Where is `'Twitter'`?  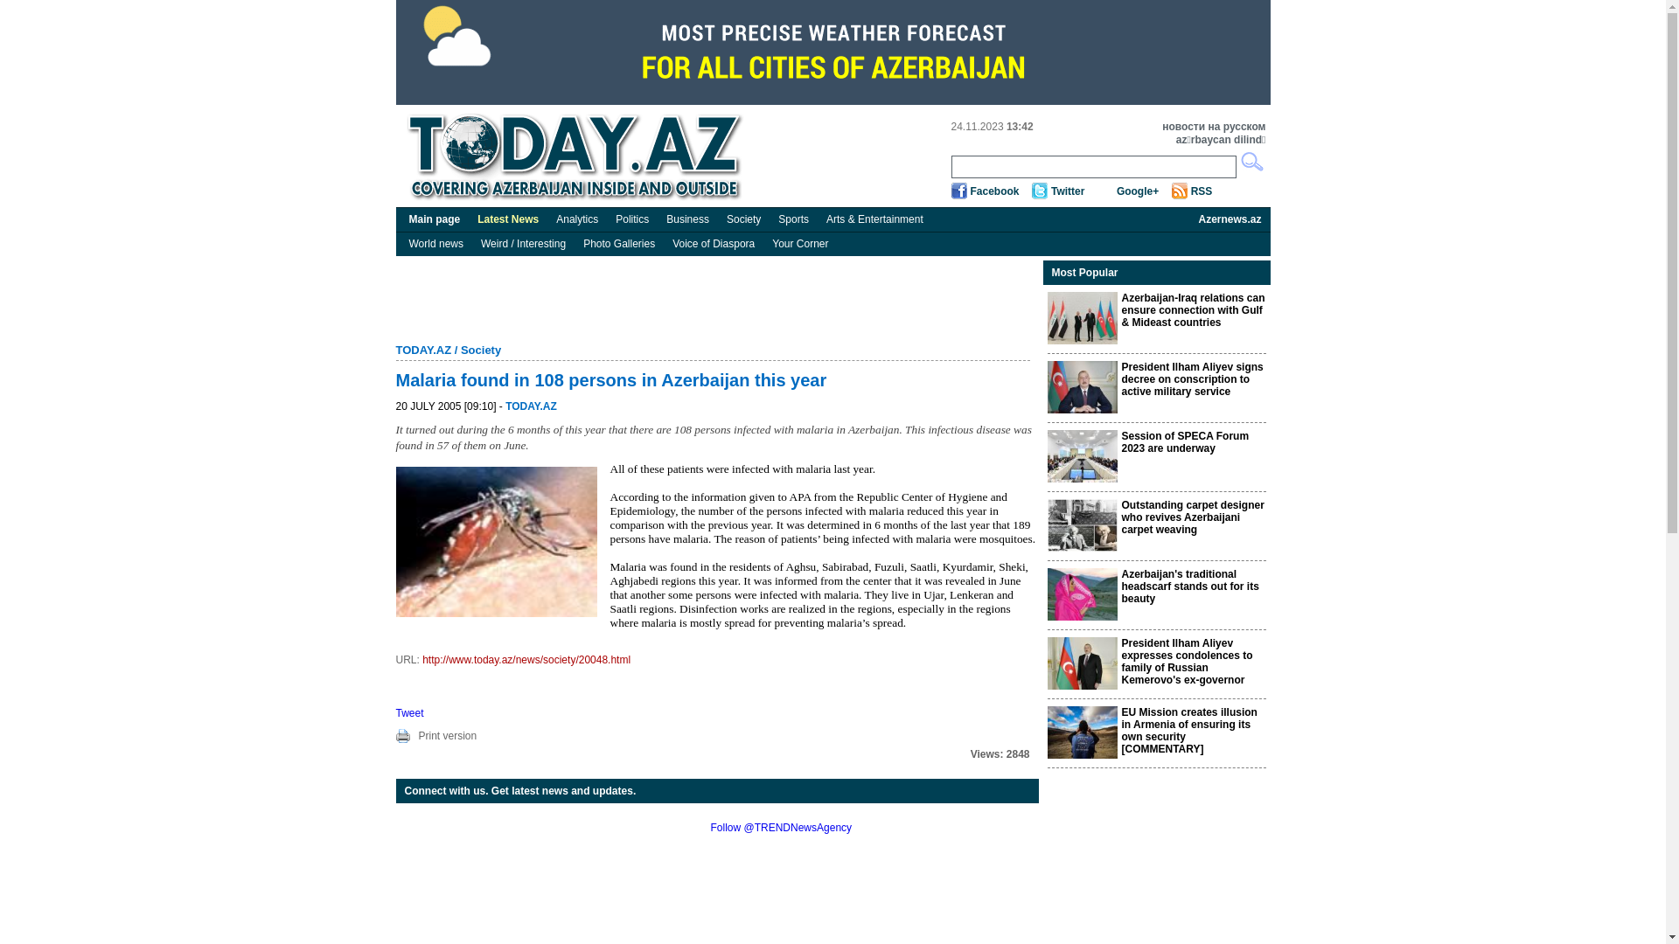 'Twitter' is located at coordinates (1066, 191).